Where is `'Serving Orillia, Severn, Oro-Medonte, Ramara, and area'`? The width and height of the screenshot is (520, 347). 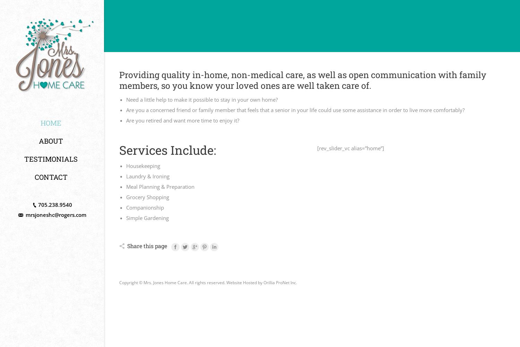 'Serving Orillia, Severn, Oro-Medonte, Ramara, and area' is located at coordinates (231, 34).